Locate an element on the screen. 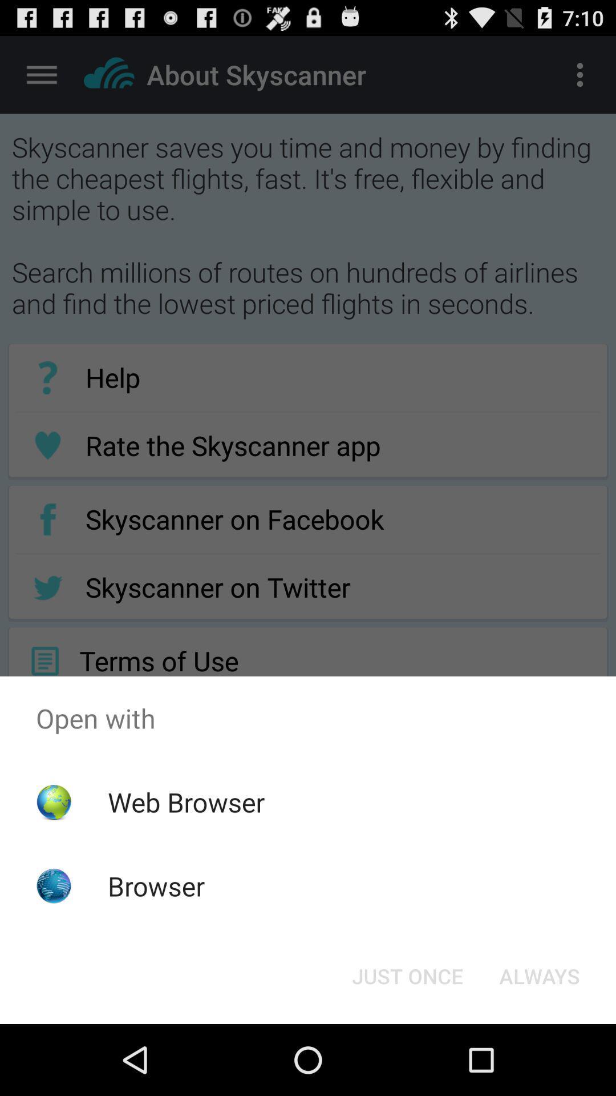 The height and width of the screenshot is (1096, 616). the item at the bottom is located at coordinates (407, 975).